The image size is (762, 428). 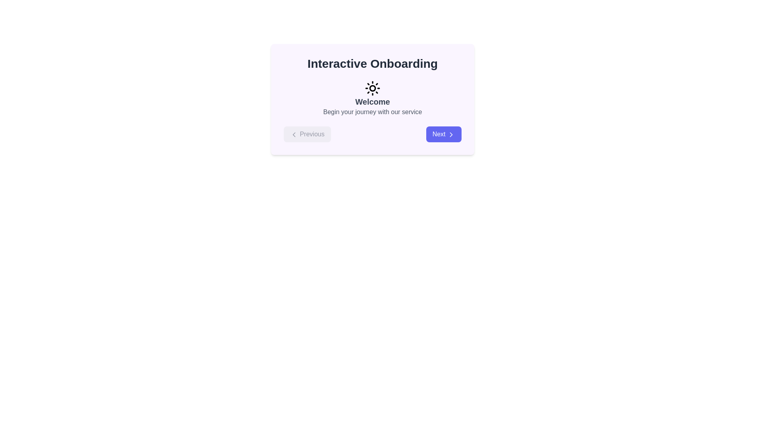 What do you see at coordinates (293, 134) in the screenshot?
I see `the left-pointing chevron icon inside the circular button of the 'Previous' button located in the bottom-left corner of the centered modal` at bounding box center [293, 134].